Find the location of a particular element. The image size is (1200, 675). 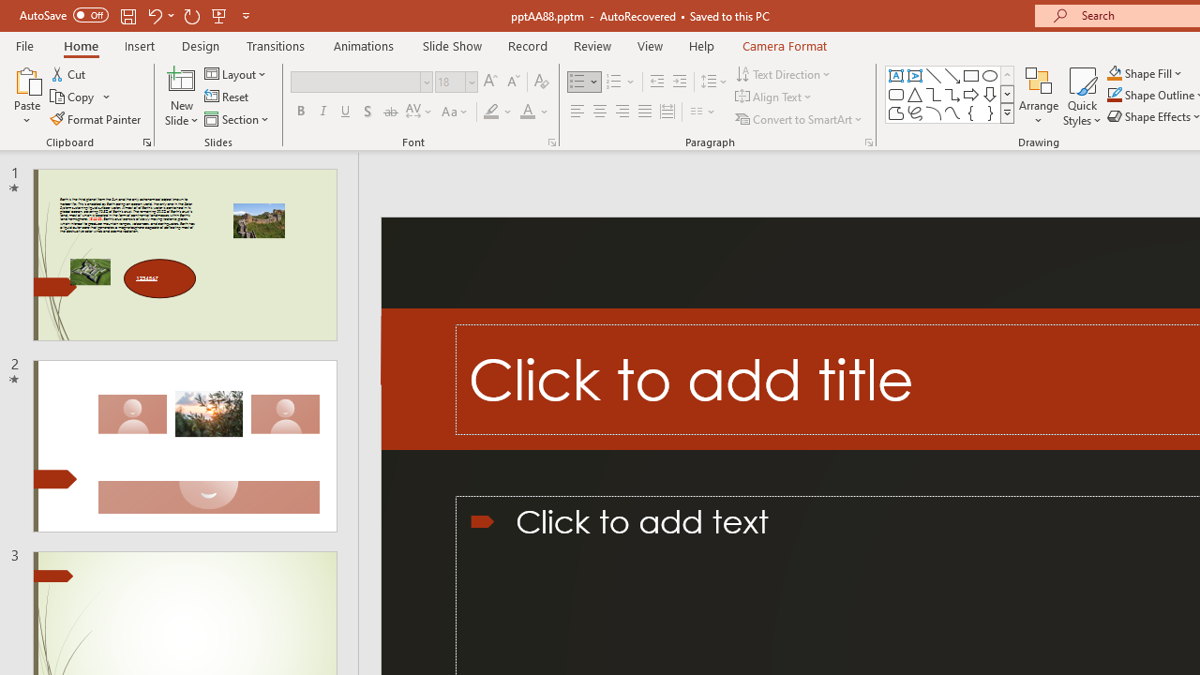

'Text Box' is located at coordinates (895, 75).